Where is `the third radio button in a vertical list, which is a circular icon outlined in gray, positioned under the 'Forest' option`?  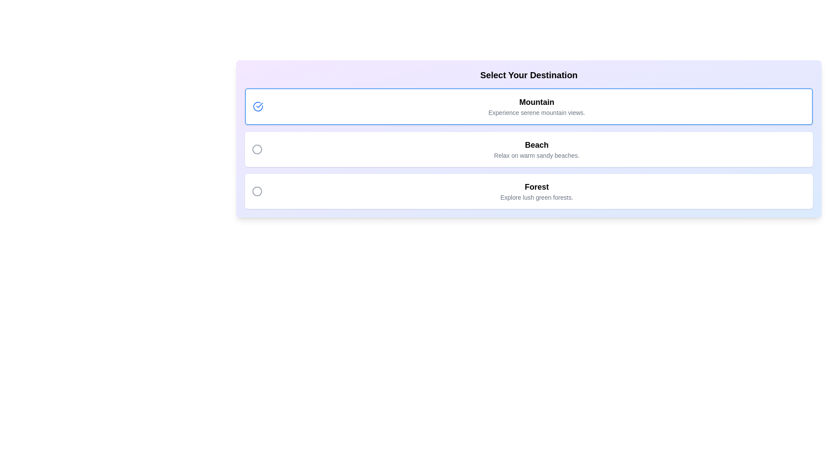 the third radio button in a vertical list, which is a circular icon outlined in gray, positioned under the 'Forest' option is located at coordinates (257, 191).